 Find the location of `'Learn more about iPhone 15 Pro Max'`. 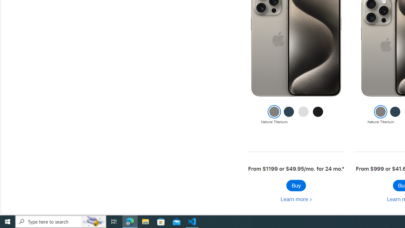

'Learn more about iPhone 15 Pro Max' is located at coordinates (296, 199).